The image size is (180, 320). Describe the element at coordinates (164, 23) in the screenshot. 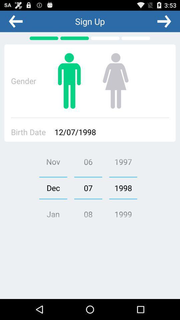

I see `the arrow_forward icon` at that location.